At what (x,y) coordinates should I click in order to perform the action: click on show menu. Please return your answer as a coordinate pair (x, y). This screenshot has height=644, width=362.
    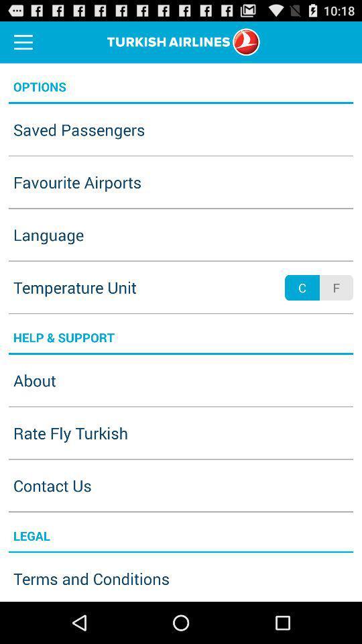
    Looking at the image, I should click on (23, 42).